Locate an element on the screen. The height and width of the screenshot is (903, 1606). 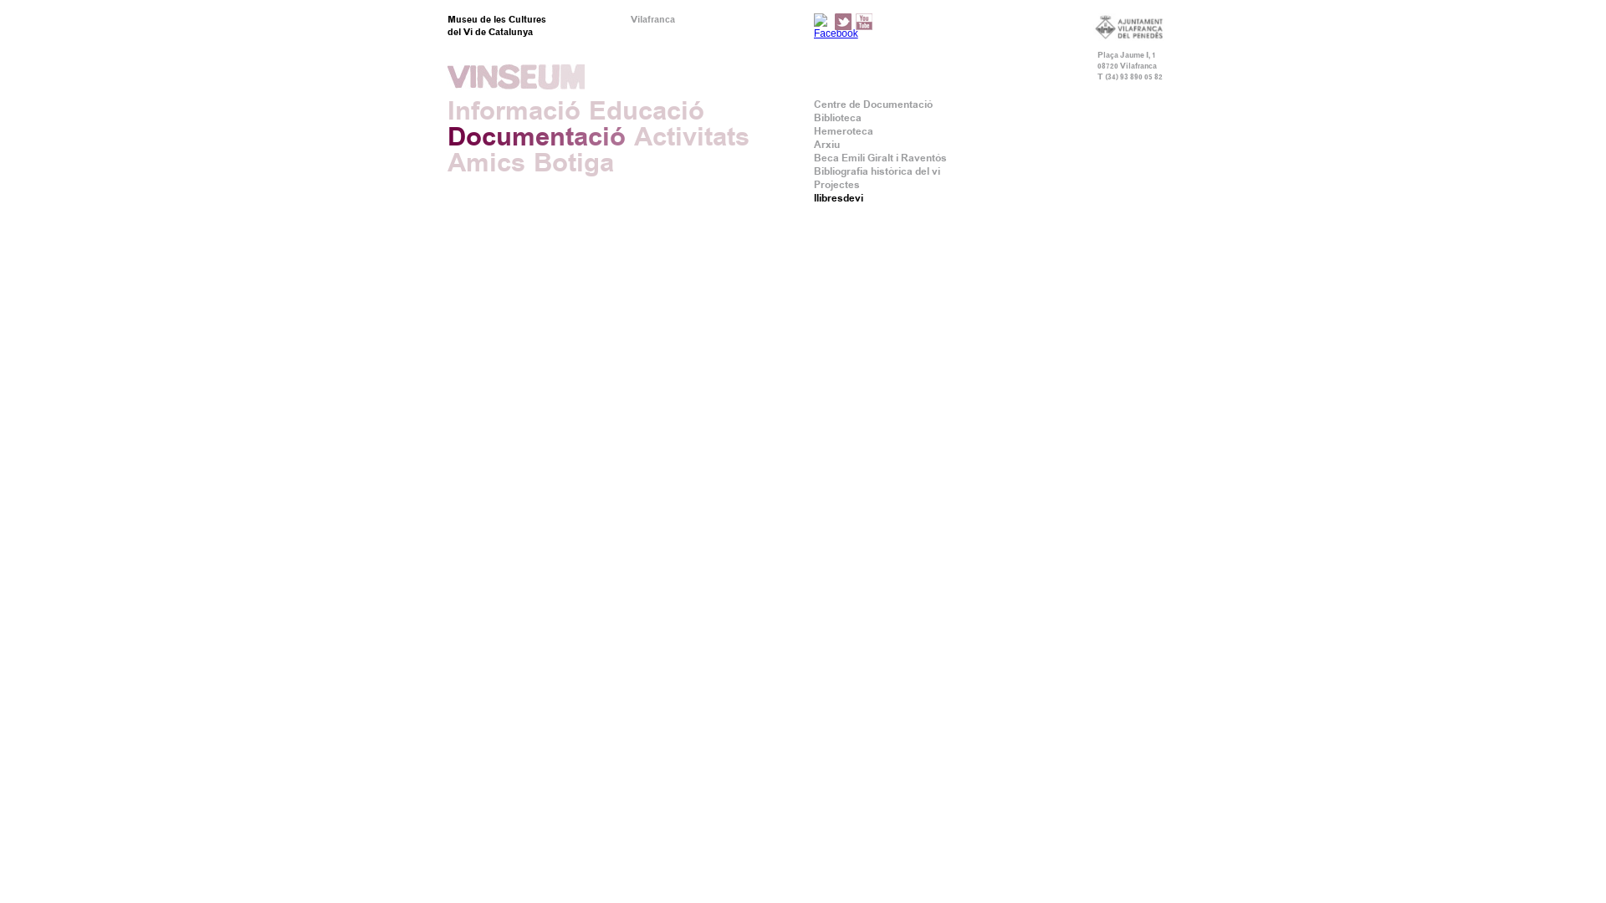
'Amics' is located at coordinates (485, 162).